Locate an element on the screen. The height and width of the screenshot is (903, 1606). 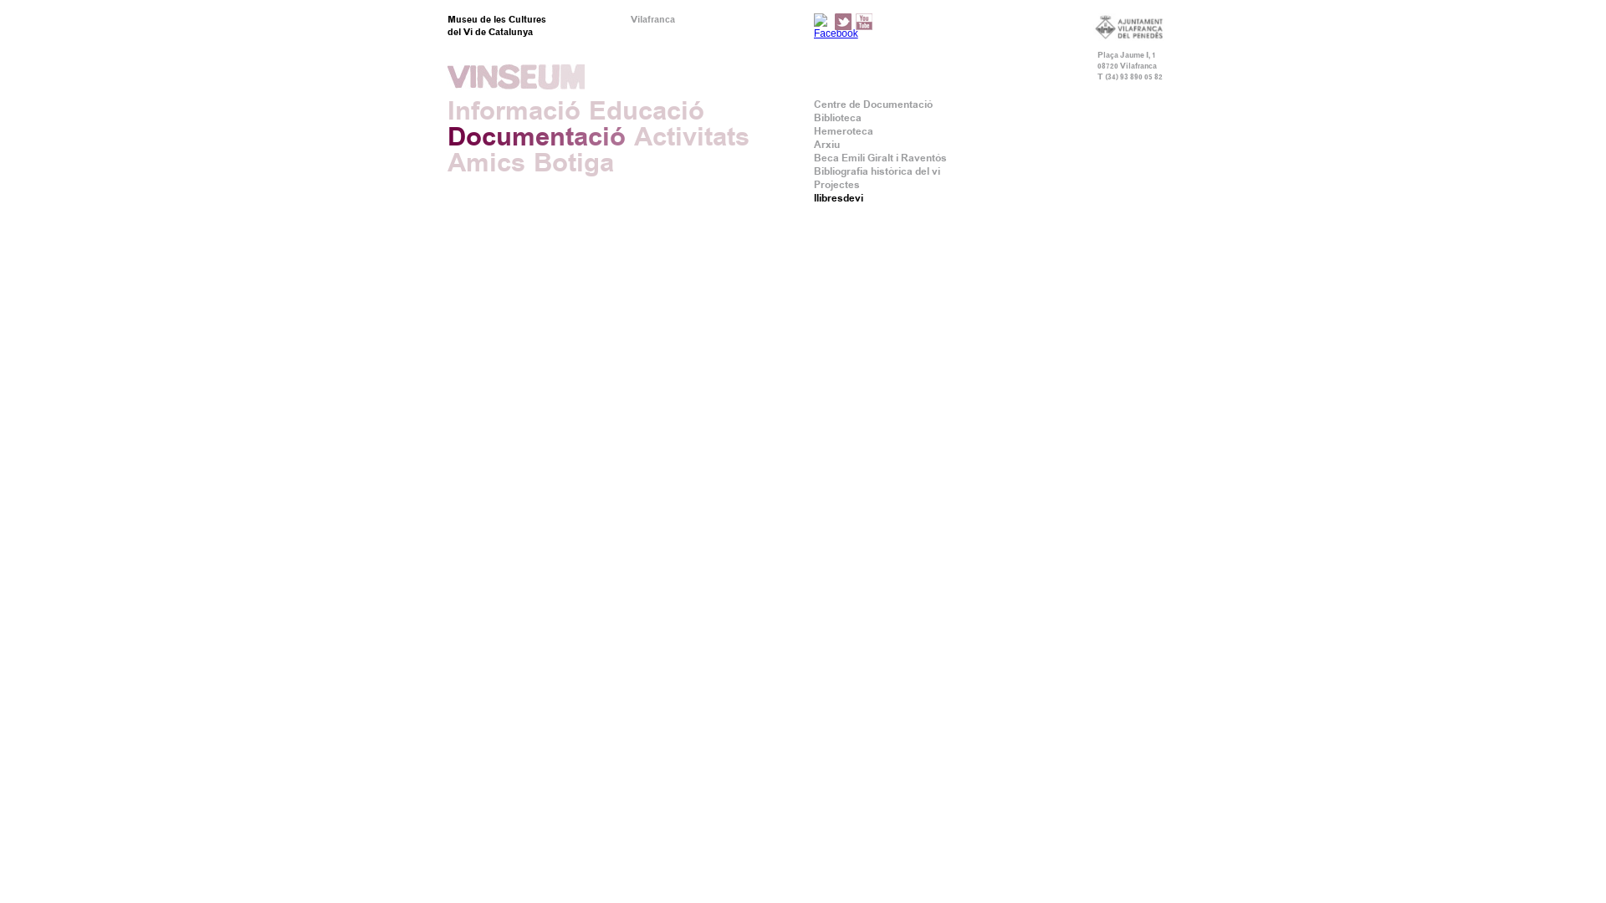
'Amics' is located at coordinates (485, 162).